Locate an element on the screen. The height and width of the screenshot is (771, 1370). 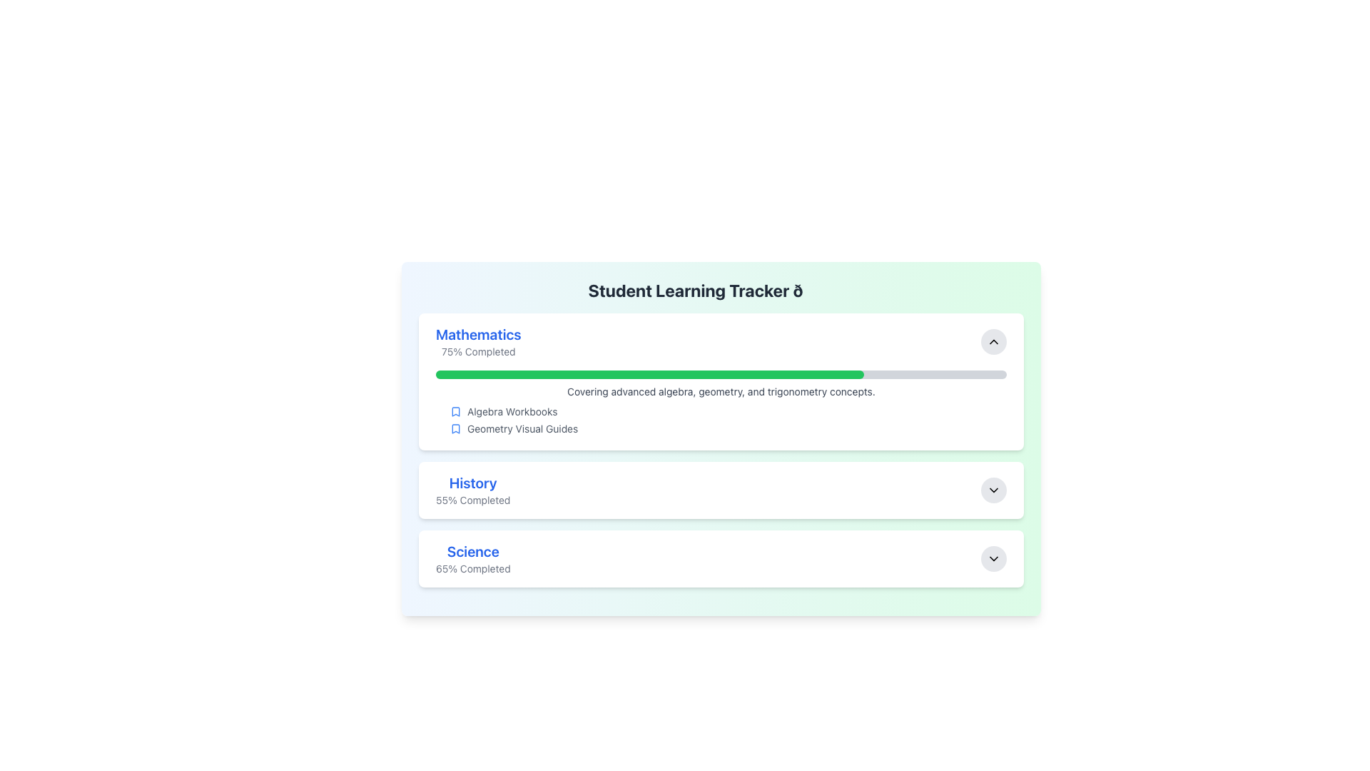
the text label styled for emphasis that serves as a title or descriptor for the section in the 'Student Learning Tracker' interface, located at the bottom-most section under 'Mathematics' and 'History' is located at coordinates (473, 550).